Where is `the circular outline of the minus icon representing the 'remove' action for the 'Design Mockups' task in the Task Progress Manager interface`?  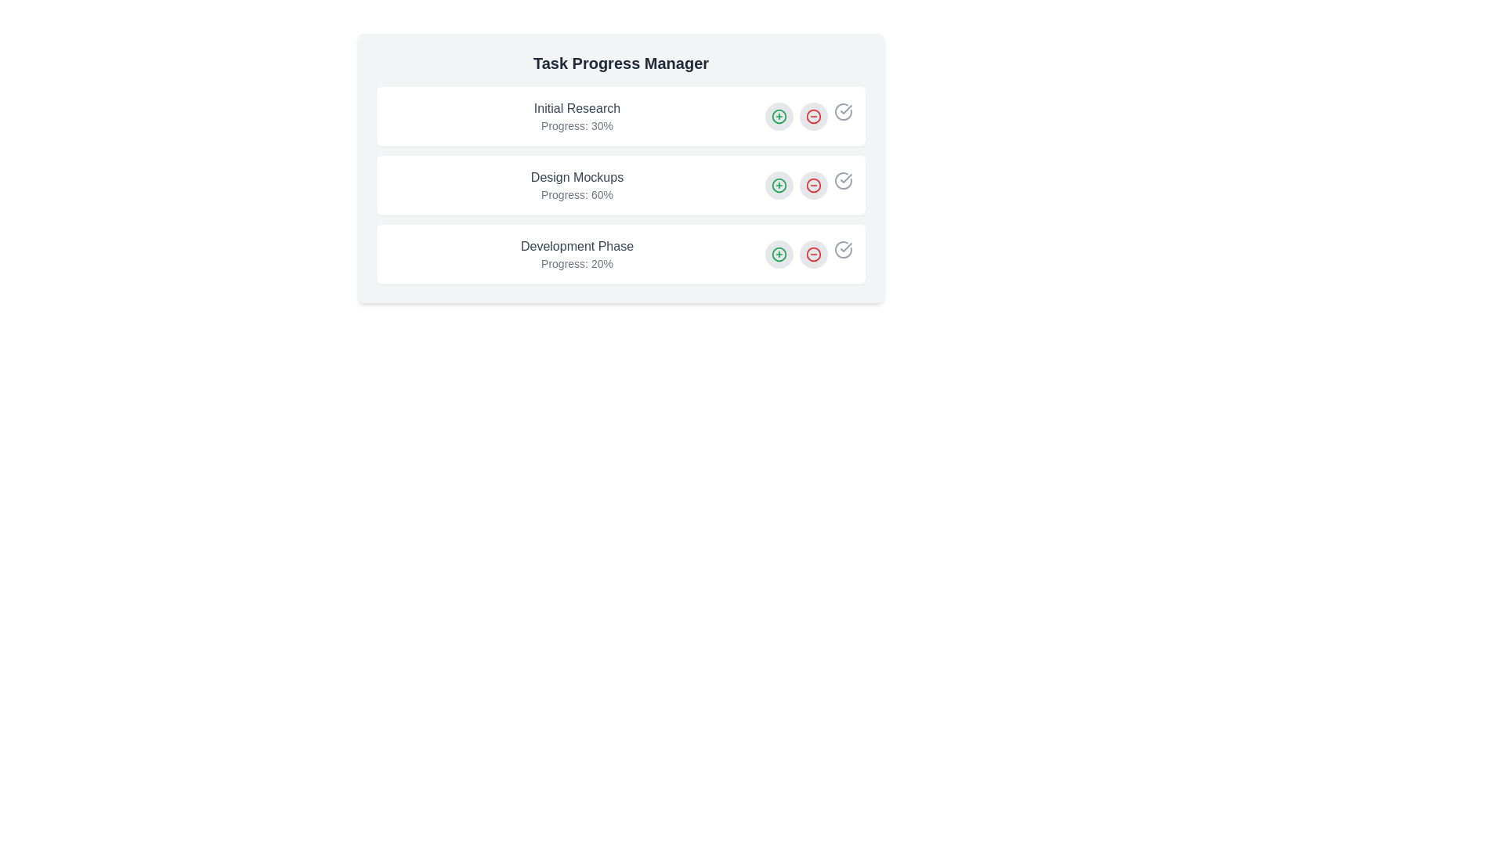 the circular outline of the minus icon representing the 'remove' action for the 'Design Mockups' task in the Task Progress Manager interface is located at coordinates (813, 184).